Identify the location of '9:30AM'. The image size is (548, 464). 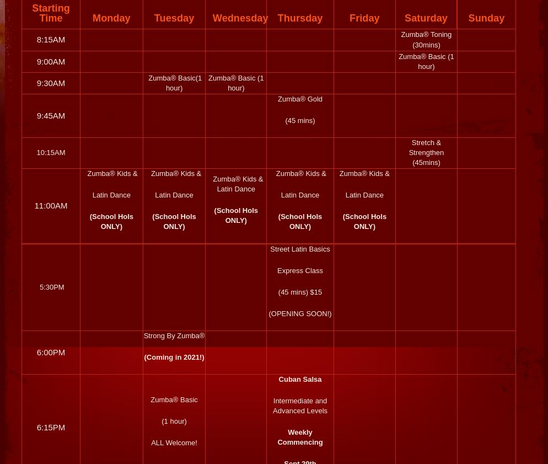
(51, 82).